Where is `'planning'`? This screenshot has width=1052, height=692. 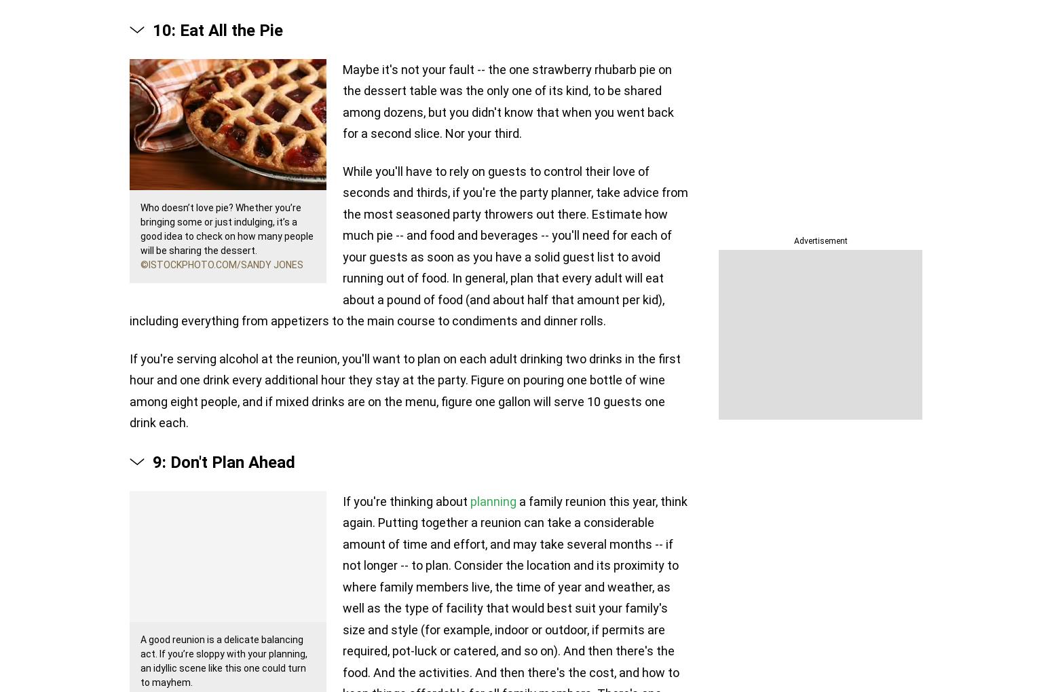
'planning' is located at coordinates (493, 500).